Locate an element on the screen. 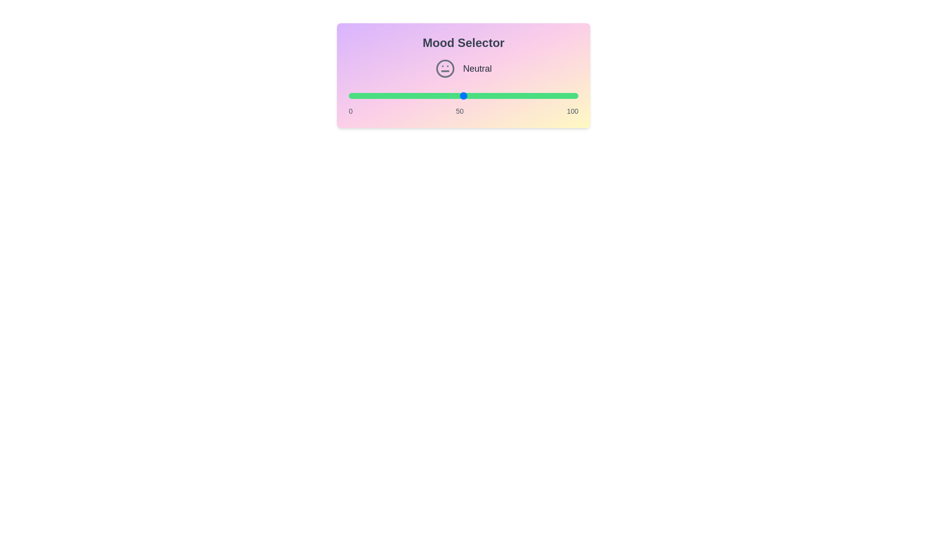 The width and height of the screenshot is (950, 534). the slider to set the mood value to 15 is located at coordinates (382, 95).